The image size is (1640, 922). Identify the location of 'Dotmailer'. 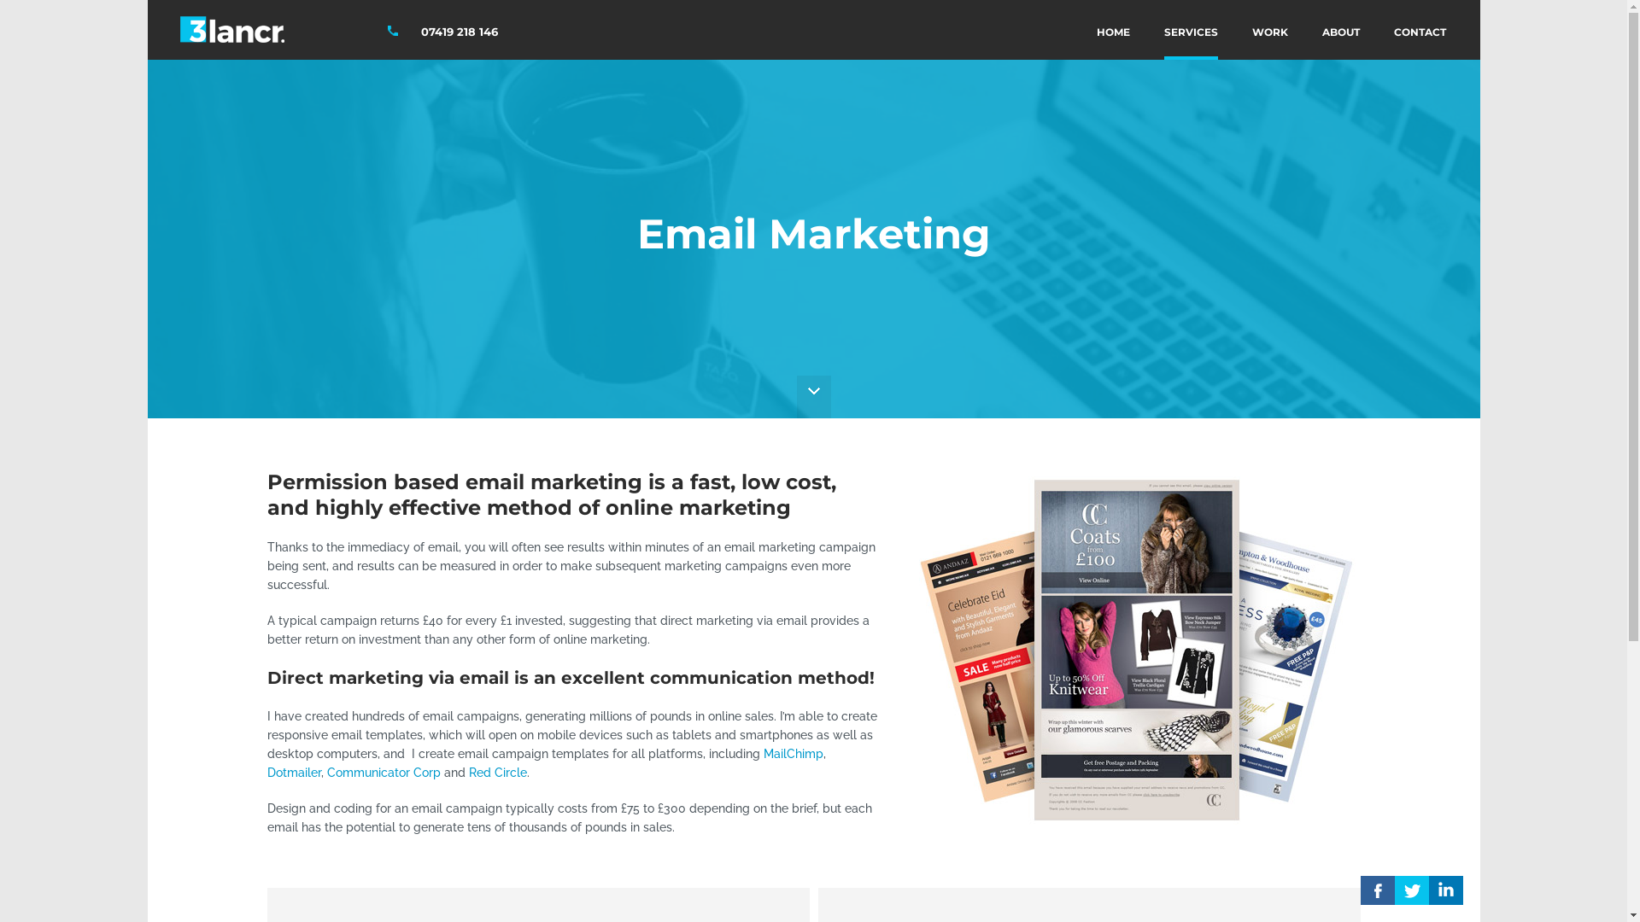
(293, 773).